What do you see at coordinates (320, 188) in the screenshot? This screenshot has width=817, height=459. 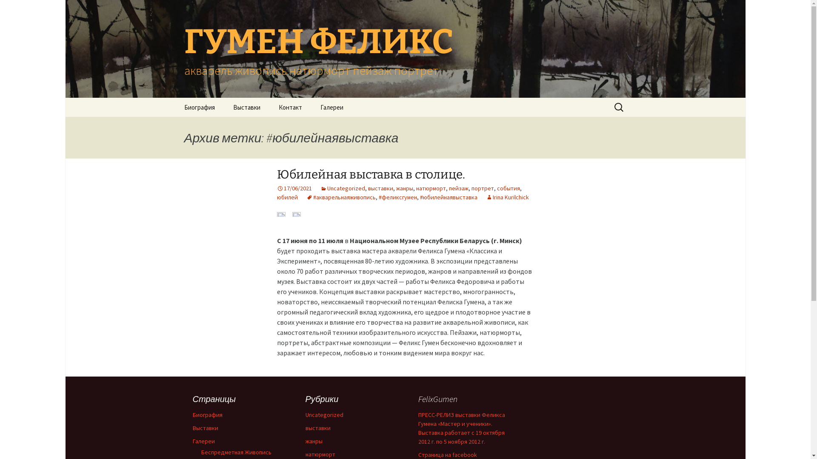 I see `'Uncategorized'` at bounding box center [320, 188].